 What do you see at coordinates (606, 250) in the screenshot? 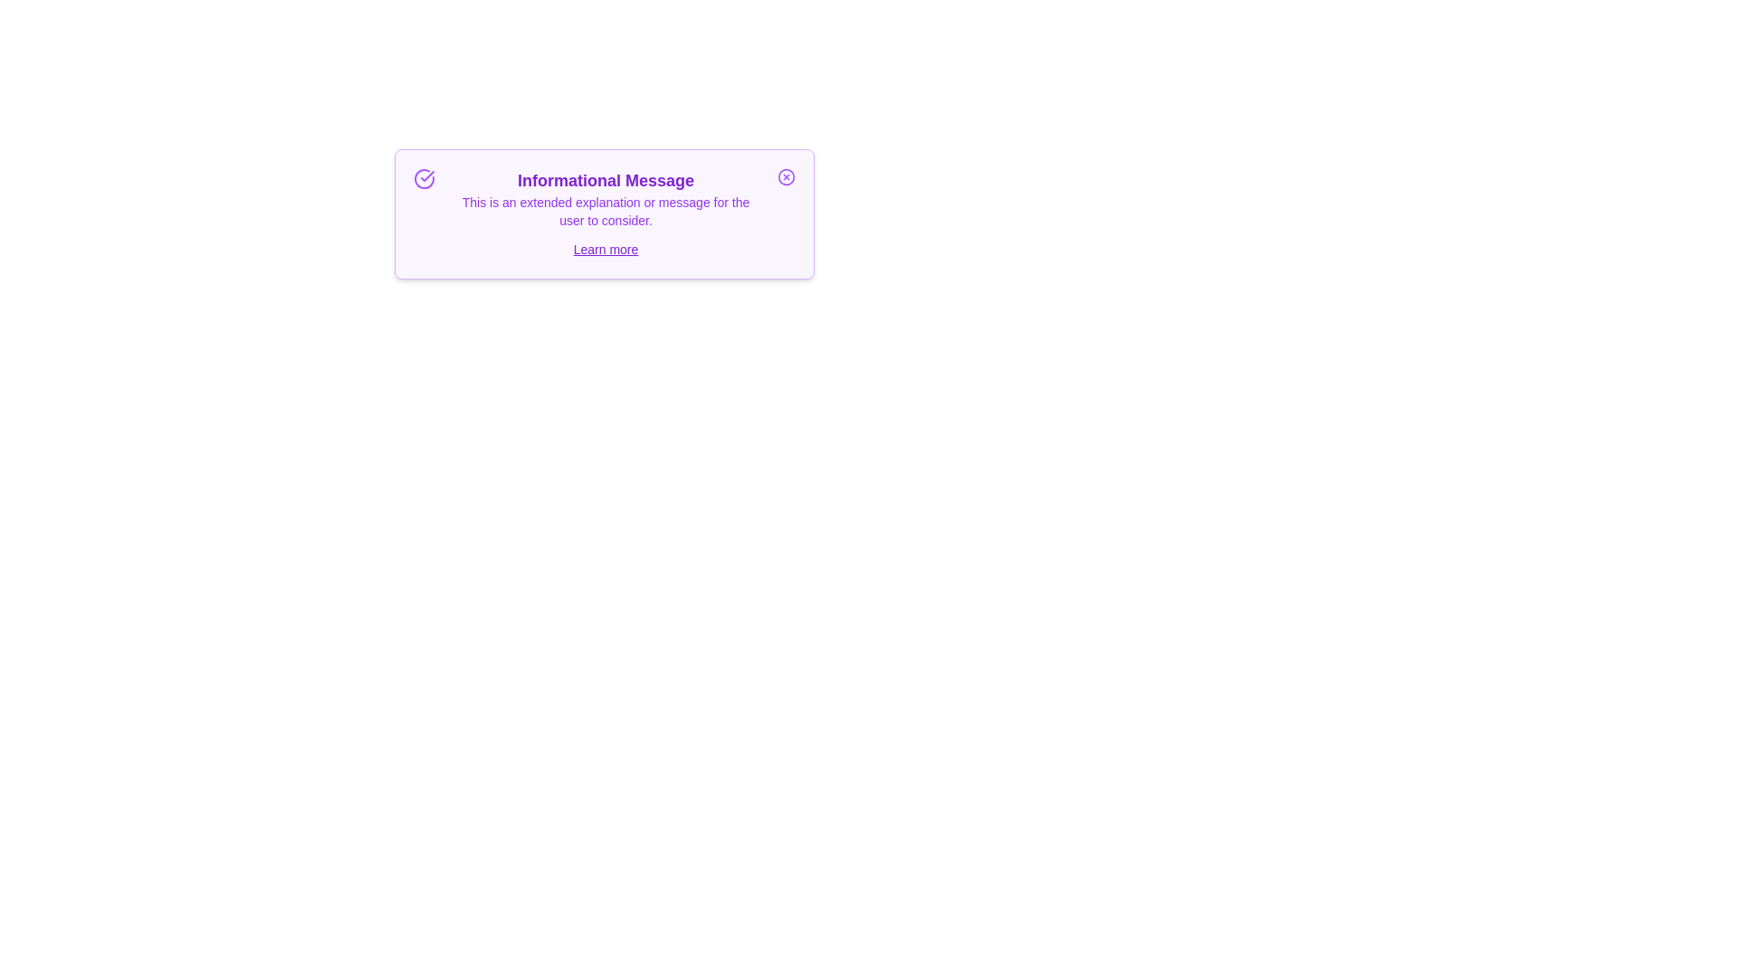
I see `the 'Learn more' link to display additional information` at bounding box center [606, 250].